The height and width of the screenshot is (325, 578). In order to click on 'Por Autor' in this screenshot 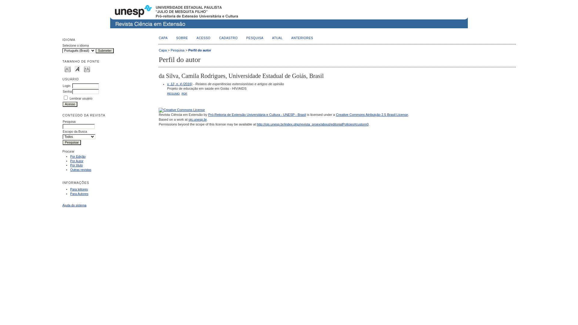, I will do `click(70, 161)`.